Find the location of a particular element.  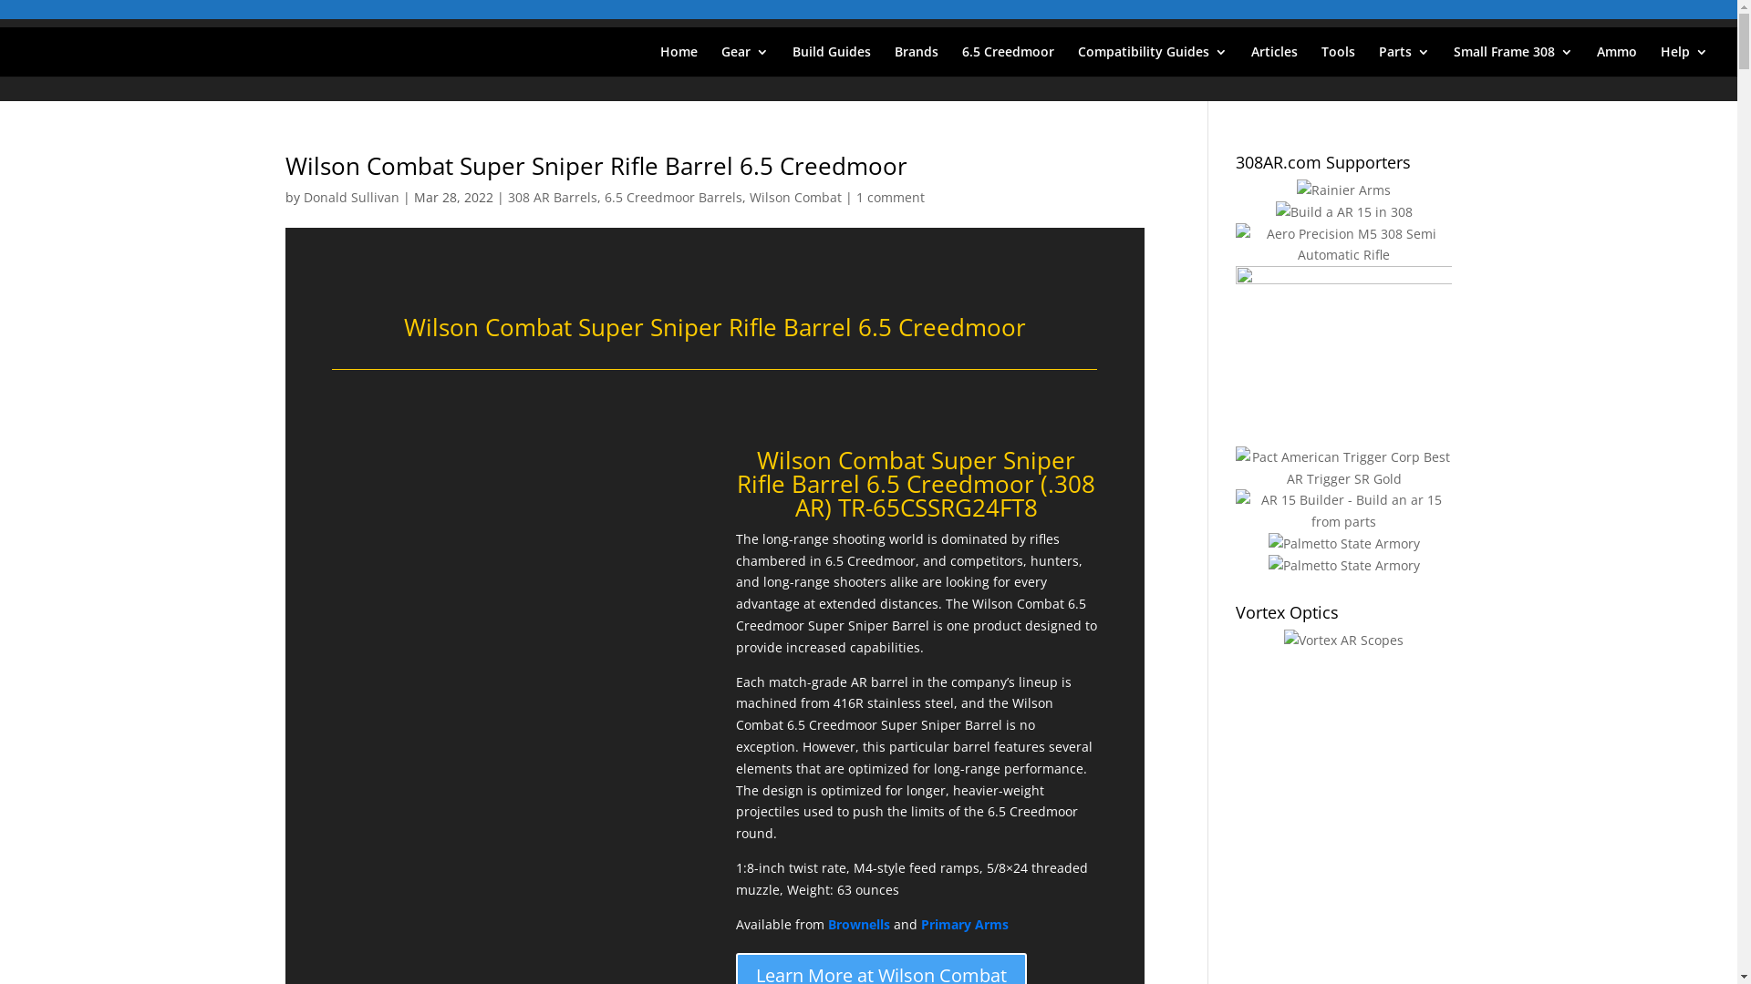

'Palmetto State Armory' is located at coordinates (1343, 543).